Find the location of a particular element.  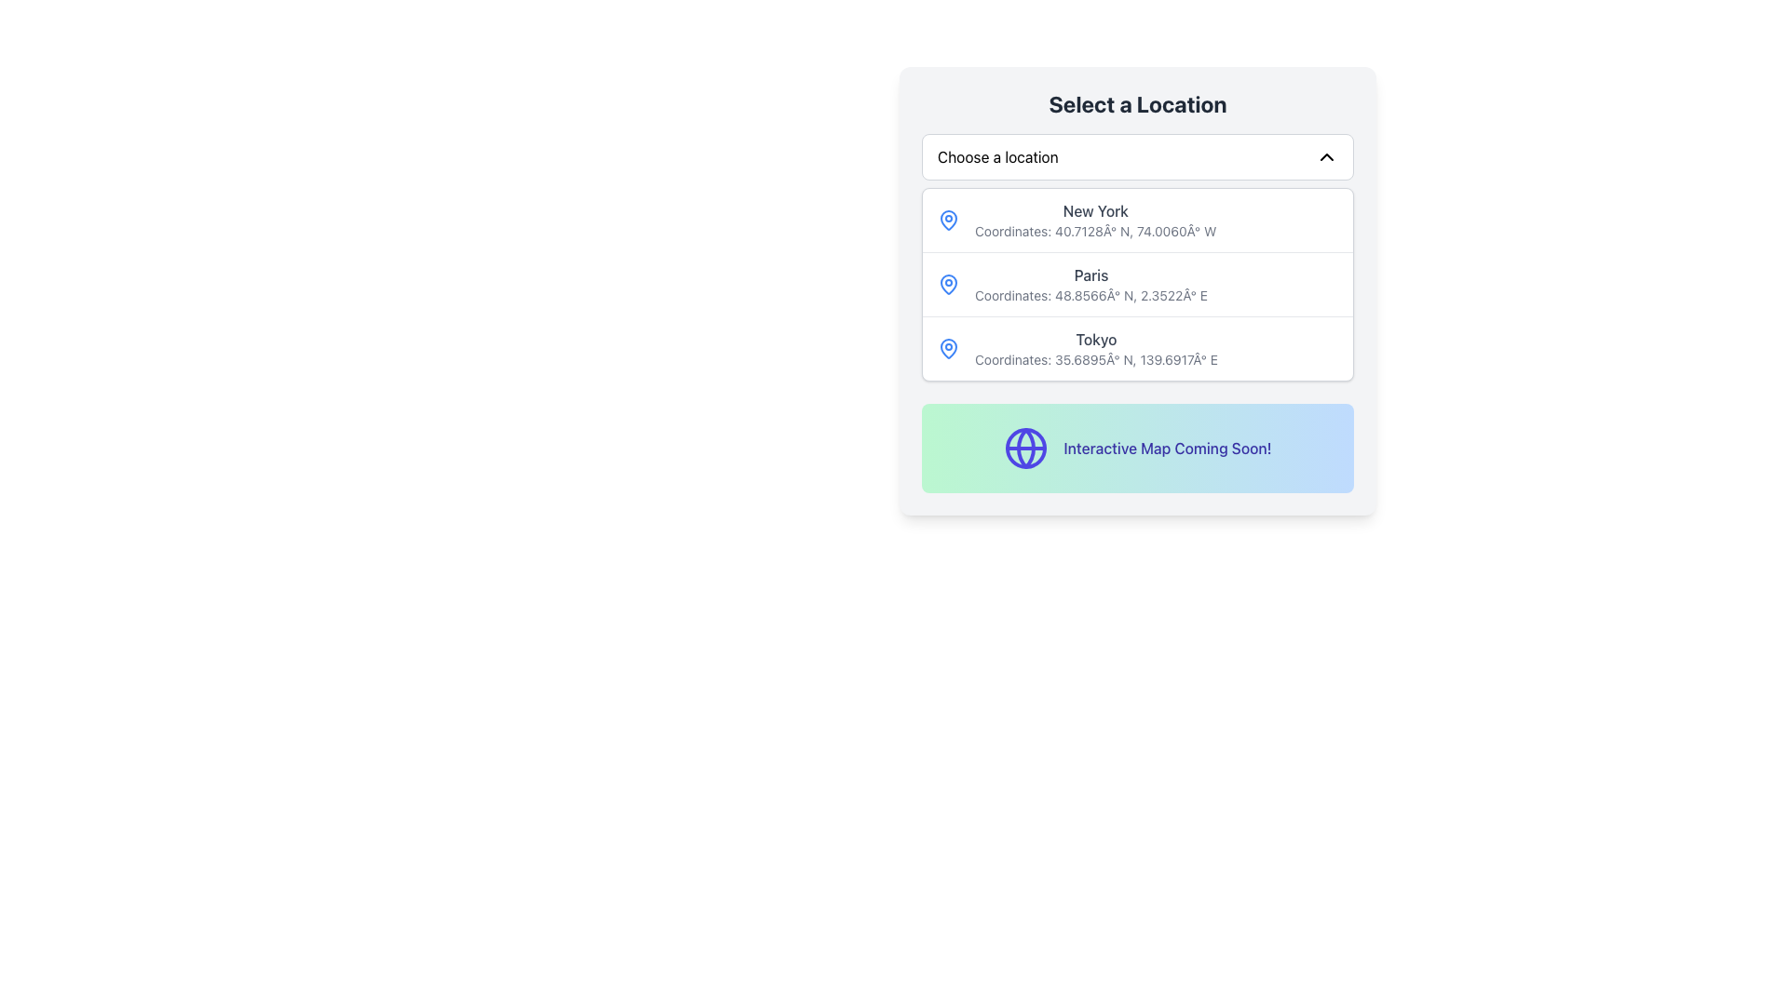

text label displaying 'Paris', which is prominently styled in gray and located in the second position of a list of location options is located at coordinates (1090, 275).